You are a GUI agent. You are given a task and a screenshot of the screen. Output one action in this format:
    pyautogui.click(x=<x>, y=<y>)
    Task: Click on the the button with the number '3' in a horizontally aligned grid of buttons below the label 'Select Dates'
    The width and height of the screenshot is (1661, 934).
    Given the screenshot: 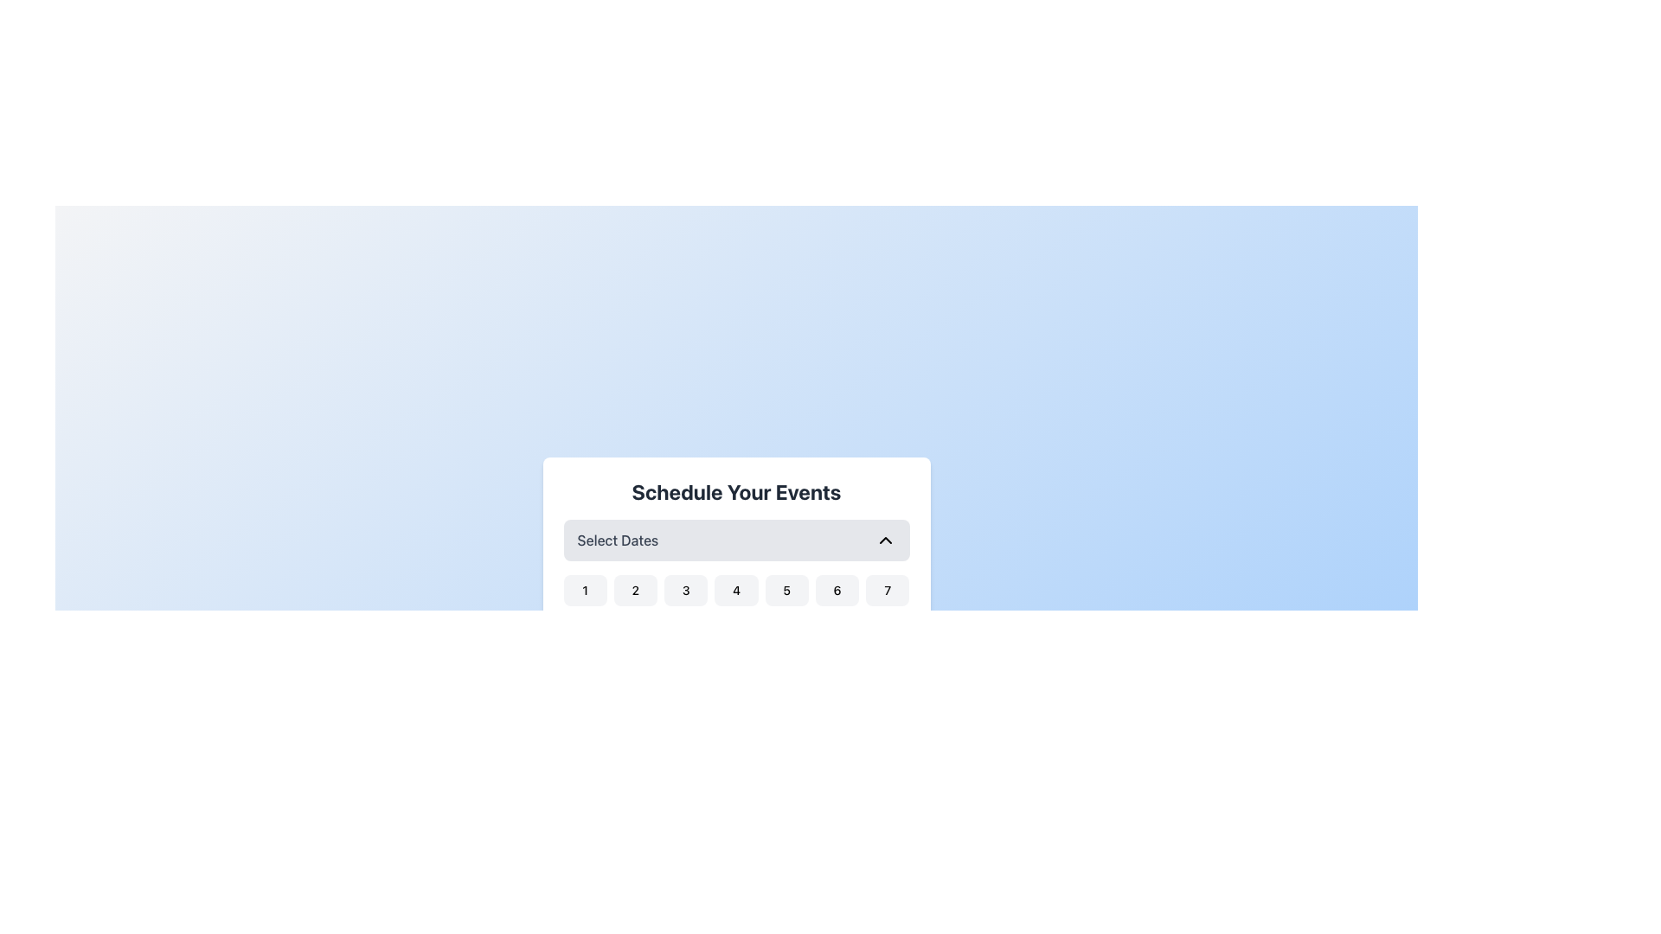 What is the action you would take?
    pyautogui.click(x=685, y=590)
    